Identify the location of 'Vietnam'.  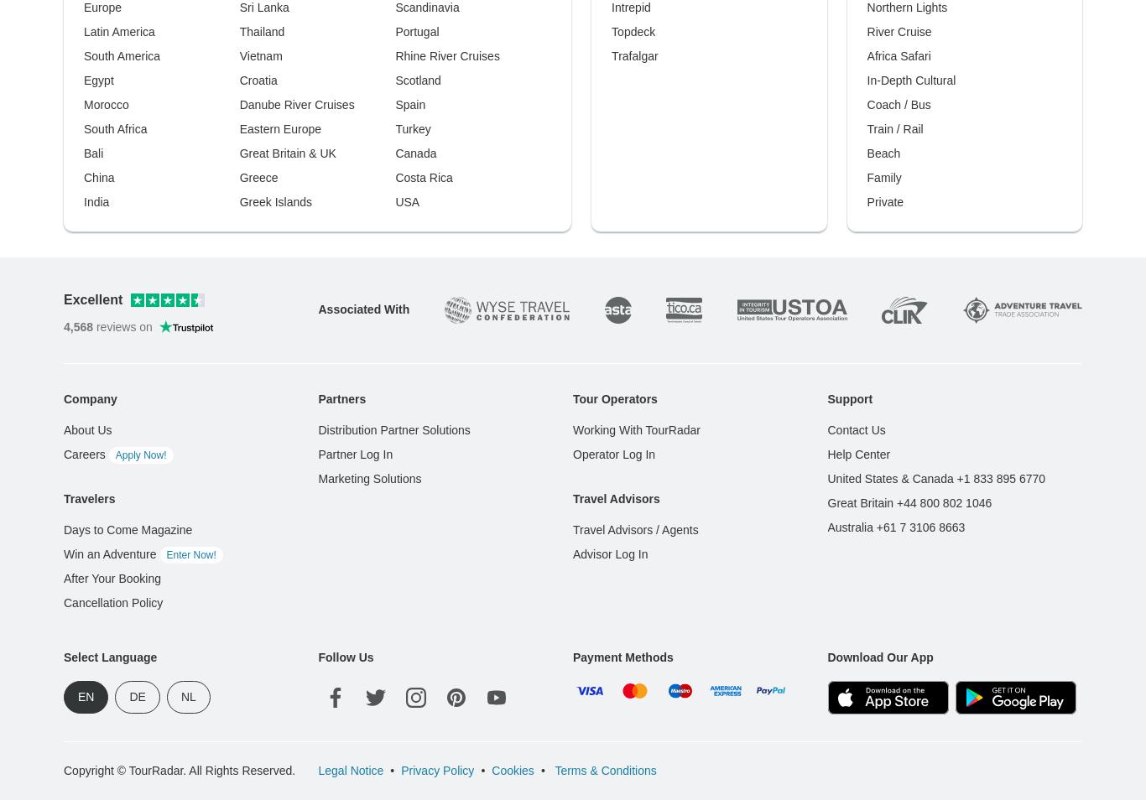
(260, 55).